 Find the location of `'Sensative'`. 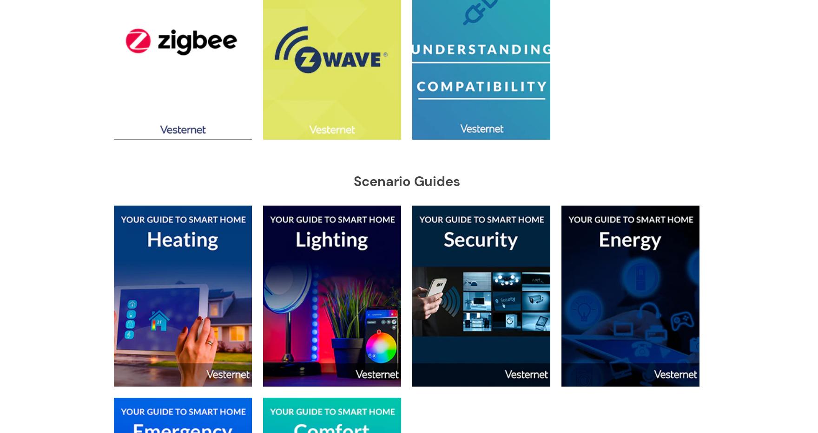

'Sensative' is located at coordinates (369, 297).